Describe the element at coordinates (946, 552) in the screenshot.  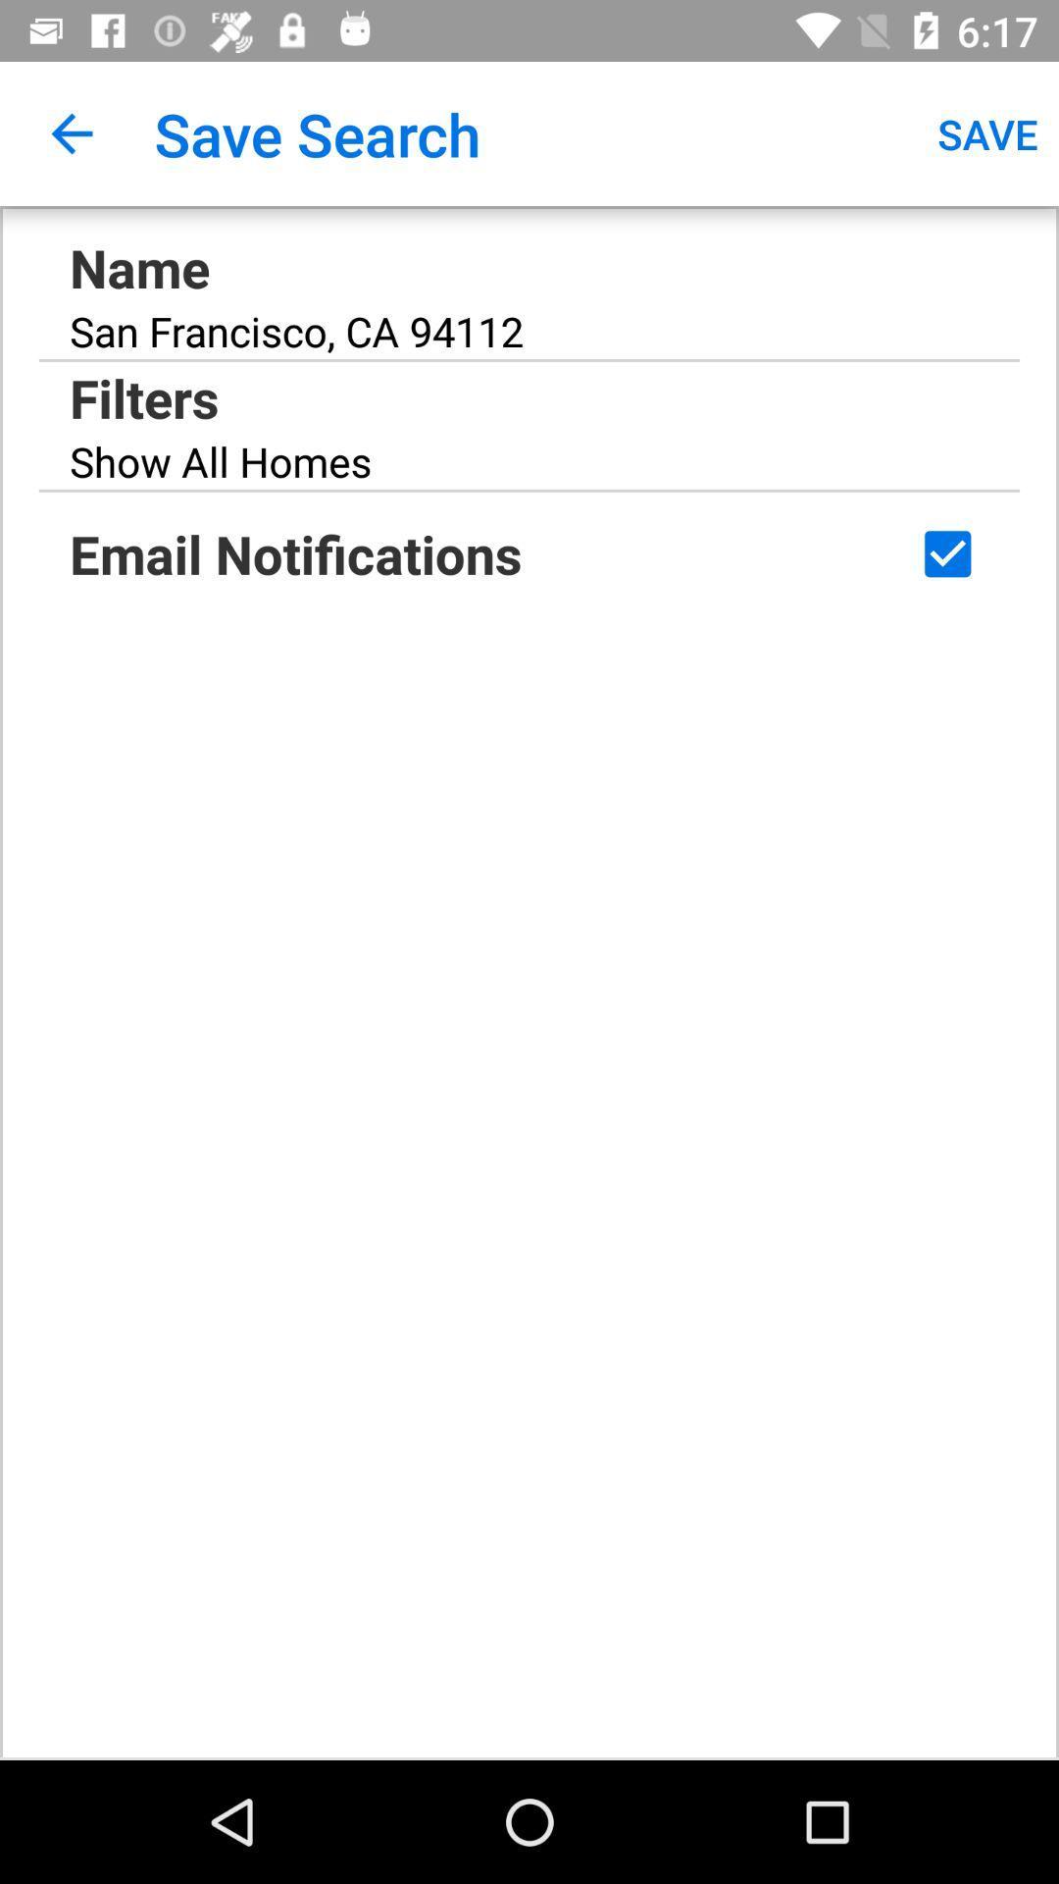
I see `check box to enable the email notifications` at that location.